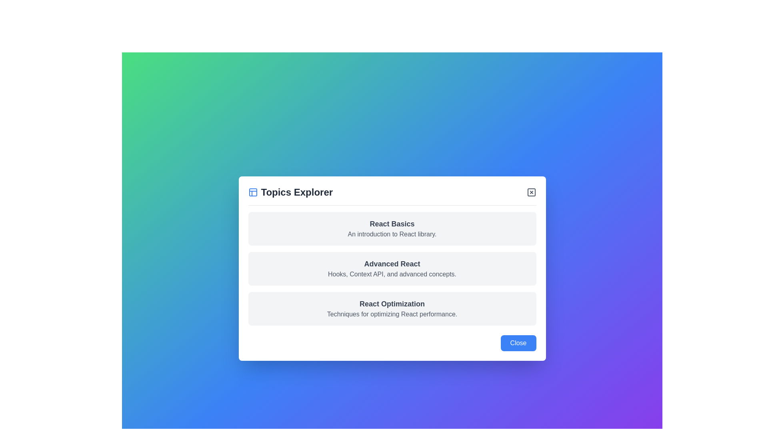 The width and height of the screenshot is (768, 432). Describe the element at coordinates (252, 192) in the screenshot. I see `the blue grid icon located to the left of the text 'Topics Explorer' in the modal header` at that location.